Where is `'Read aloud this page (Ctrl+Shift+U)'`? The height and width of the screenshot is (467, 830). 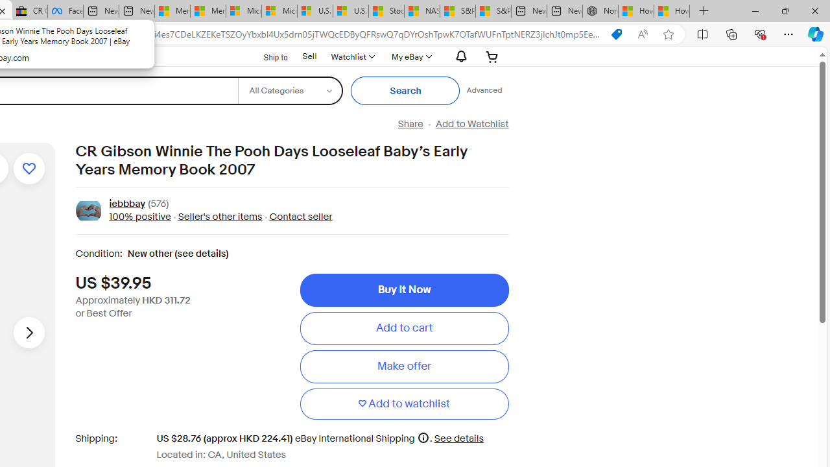 'Read aloud this page (Ctrl+Shift+U)' is located at coordinates (643, 34).